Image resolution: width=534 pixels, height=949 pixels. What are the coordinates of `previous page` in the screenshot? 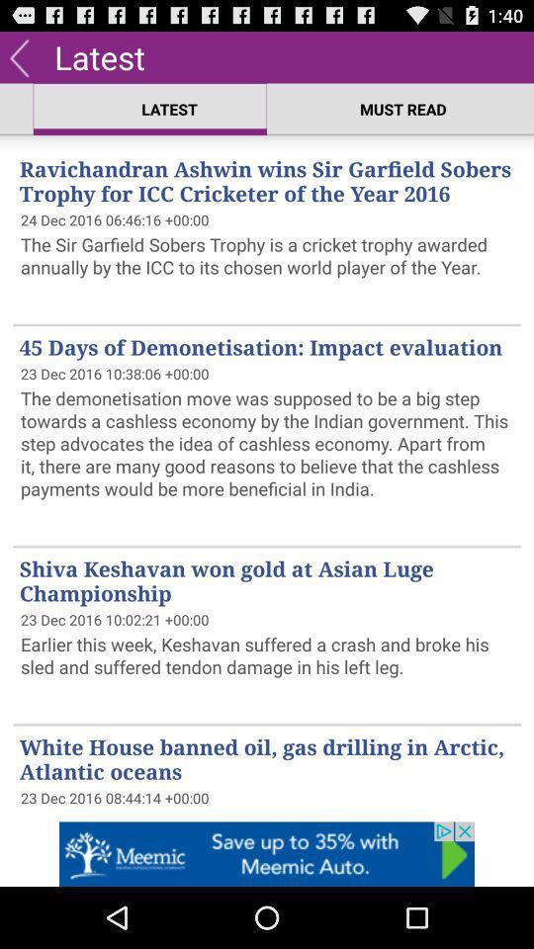 It's located at (18, 55).